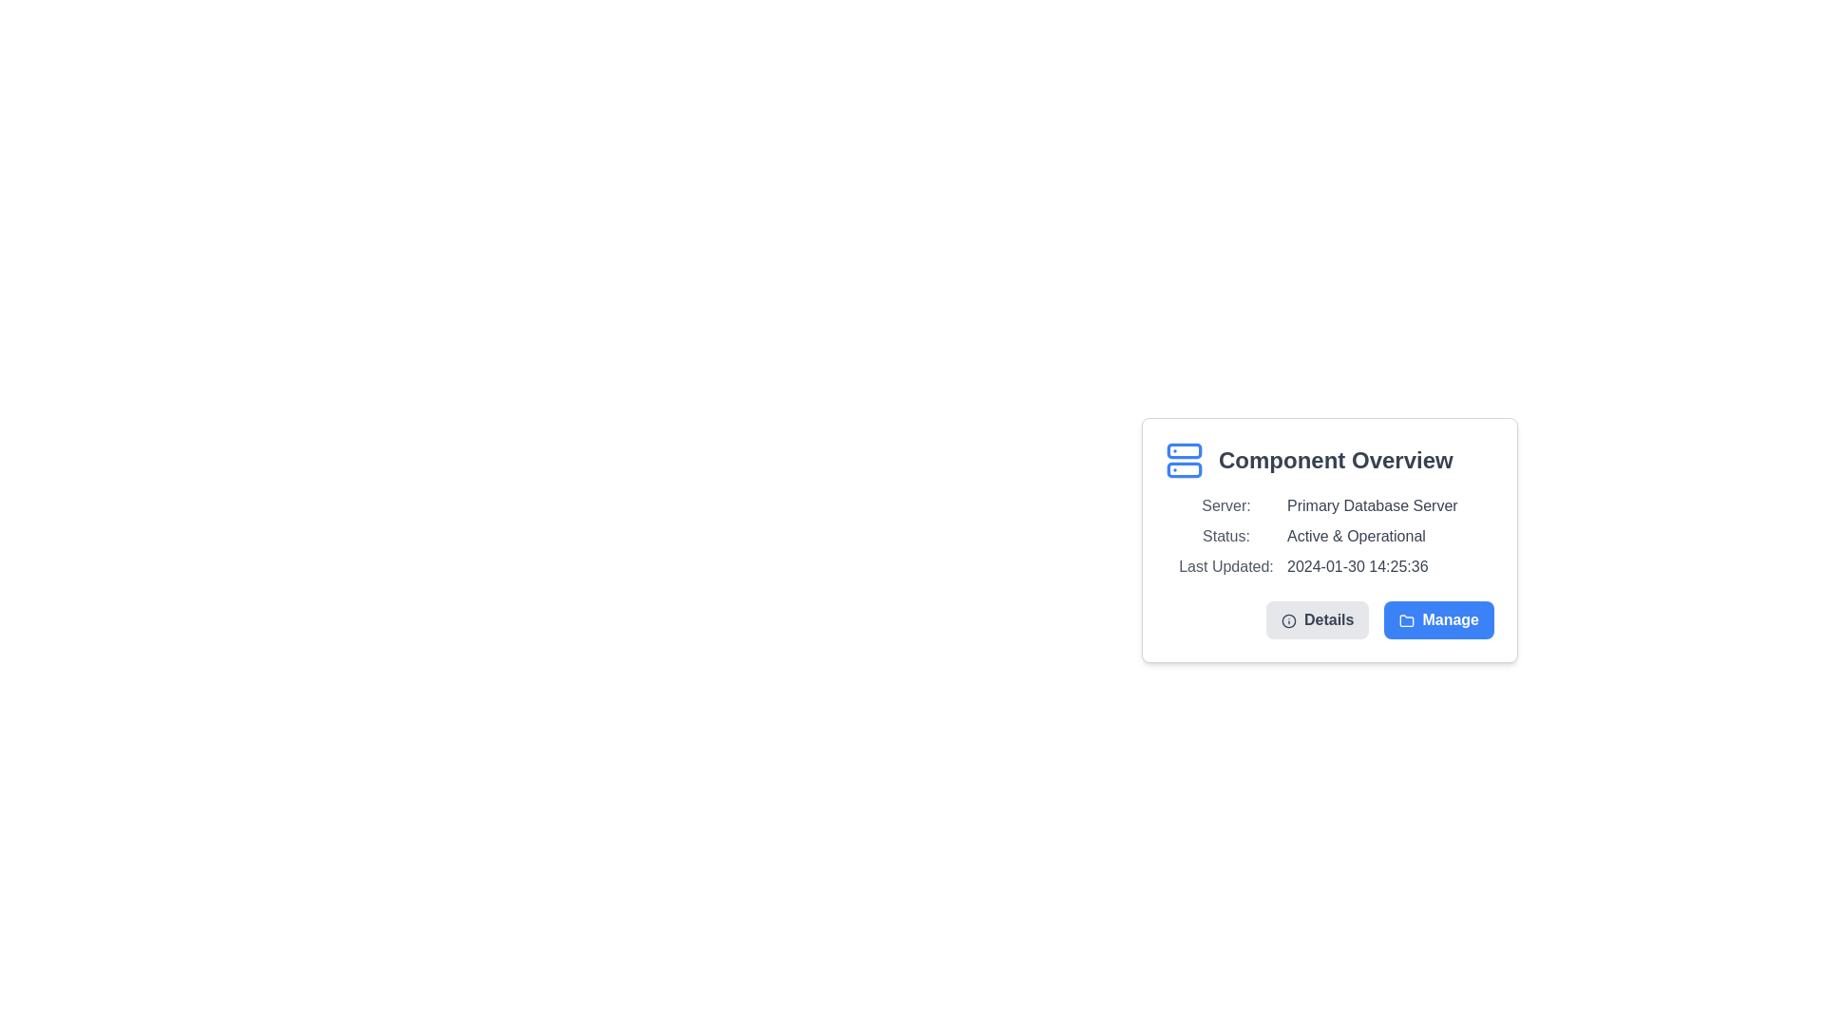 Image resolution: width=1824 pixels, height=1026 pixels. What do you see at coordinates (1357, 566) in the screenshot?
I see `the text label displaying the timestamp '2024-01-30 14:25:36' found in the bottom right of the card layout under the 'Component Overview' header, next to the label 'Last Updated:'` at bounding box center [1357, 566].